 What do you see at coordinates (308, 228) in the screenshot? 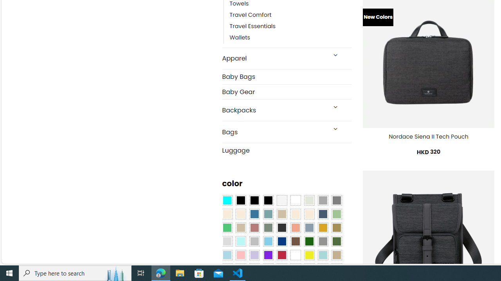
I see `'Dusty Blue'` at bounding box center [308, 228].